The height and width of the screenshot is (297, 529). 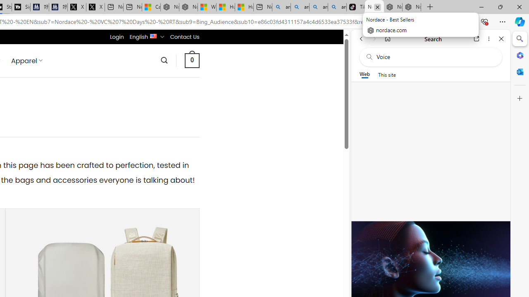 I want to click on 'Nordace - Siena Pro 15 Essential Set', so click(x=411, y=7).